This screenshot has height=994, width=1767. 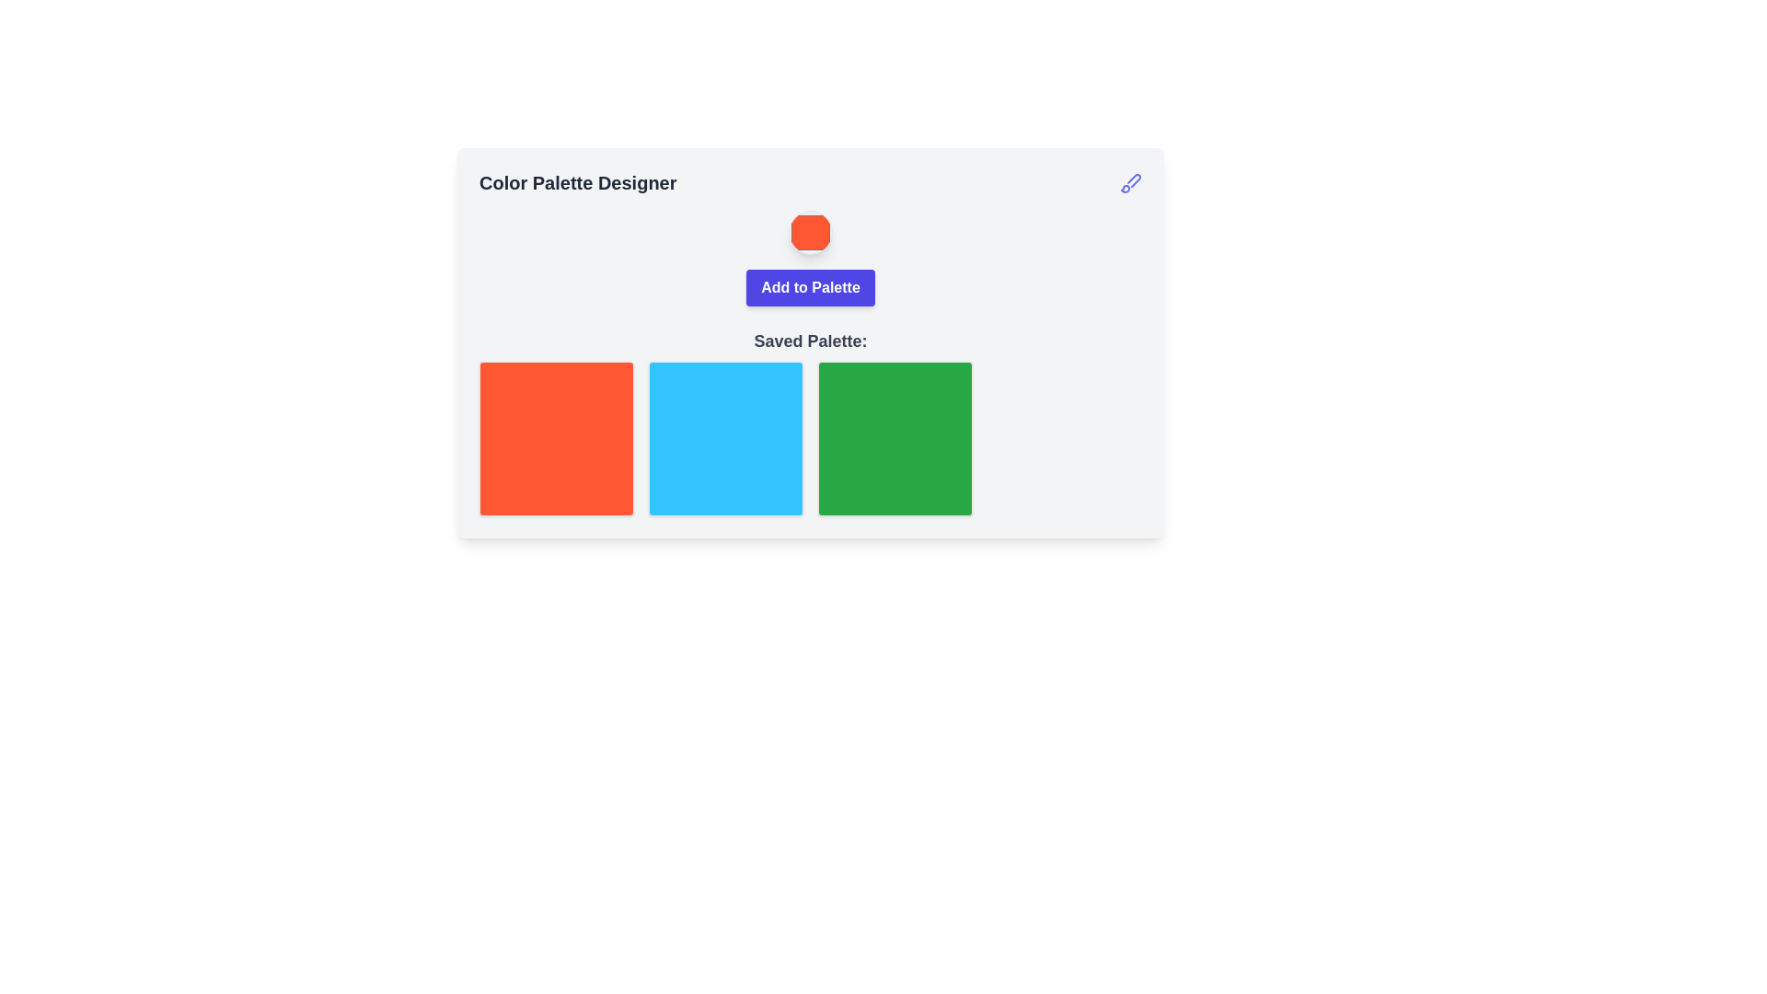 I want to click on the first colored box element in the grid, which is a solid orange square with rounded corners, positioned to the left of a light blue square and a green square, so click(x=555, y=439).